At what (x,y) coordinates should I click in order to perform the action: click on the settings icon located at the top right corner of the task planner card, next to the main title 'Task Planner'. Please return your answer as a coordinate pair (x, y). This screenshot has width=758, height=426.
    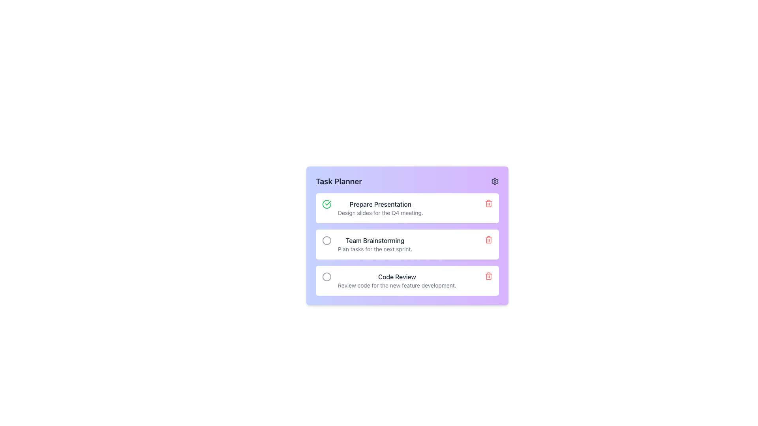
    Looking at the image, I should click on (494, 181).